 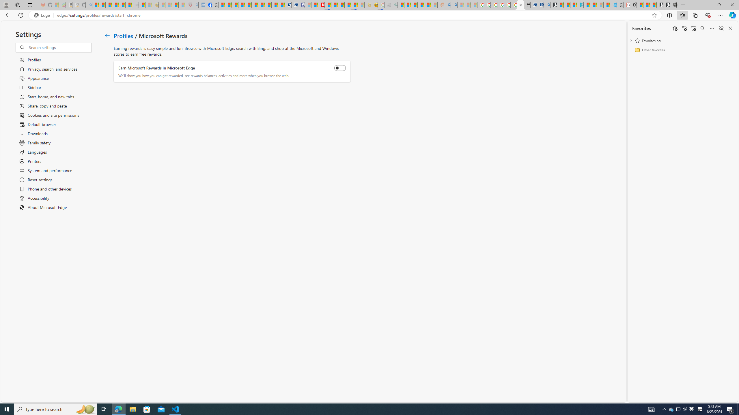 What do you see at coordinates (321, 5) in the screenshot?
I see `'Latest Politics News & Archive | Newsweek.com'` at bounding box center [321, 5].